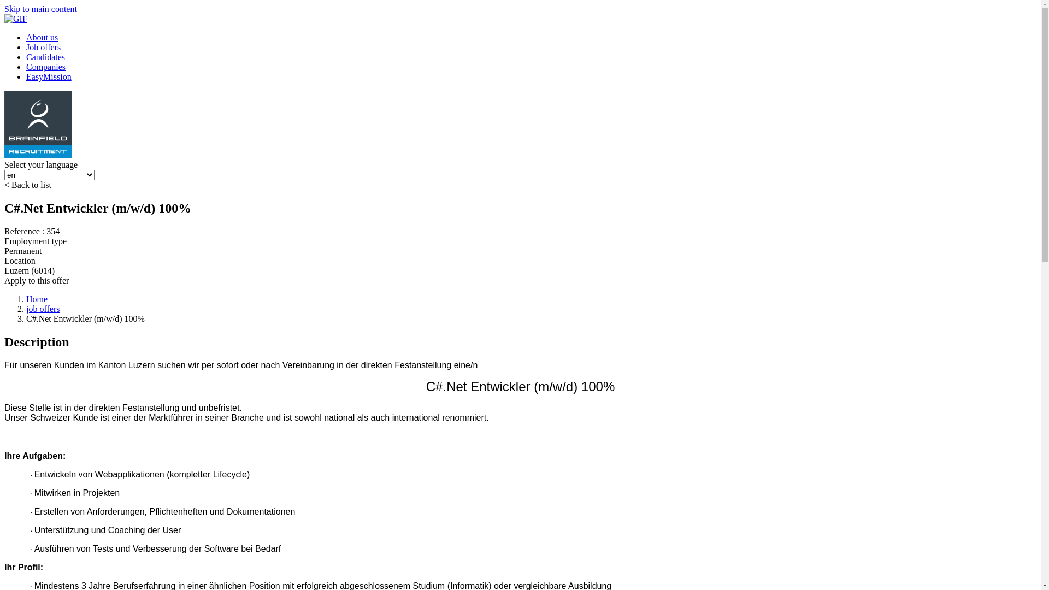  I want to click on 'job offers', so click(43, 309).